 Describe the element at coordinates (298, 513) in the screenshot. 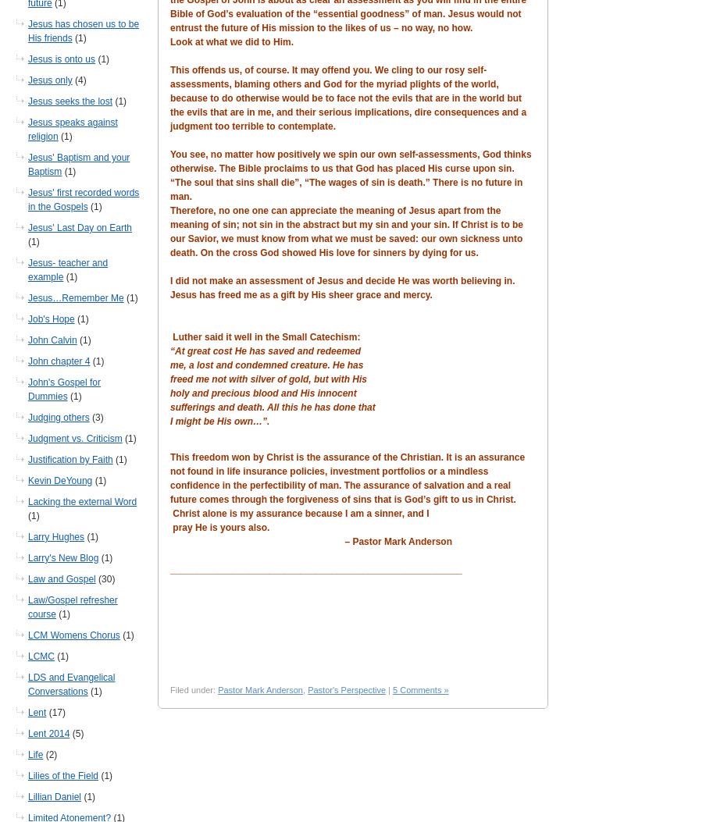

I see `'Christ alone is my assurance because I am a sinner, and I'` at that location.